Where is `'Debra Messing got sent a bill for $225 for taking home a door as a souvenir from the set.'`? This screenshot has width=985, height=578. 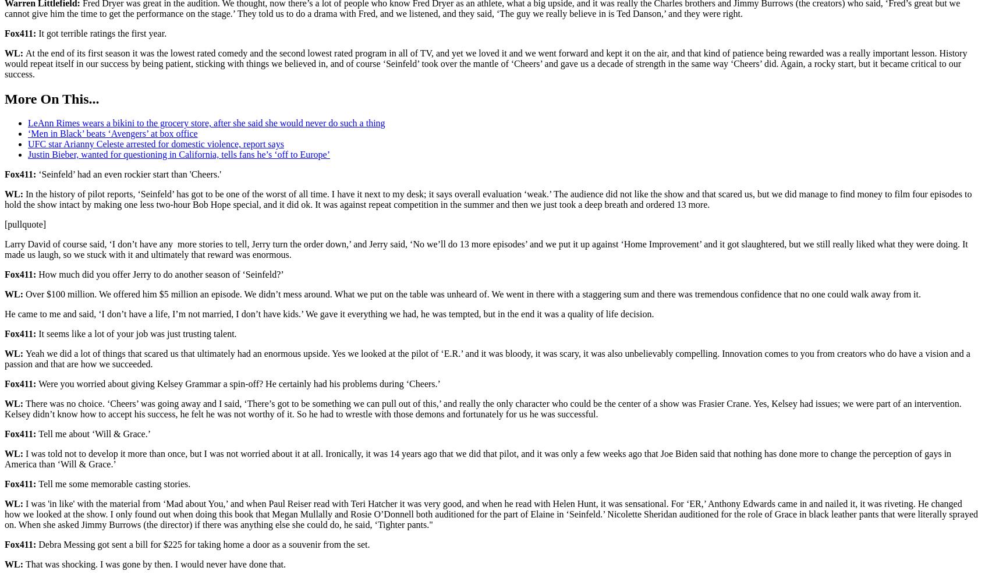 'Debra Messing got sent a bill for $225 for taking home a door as a souvenir from the set.' is located at coordinates (203, 544).